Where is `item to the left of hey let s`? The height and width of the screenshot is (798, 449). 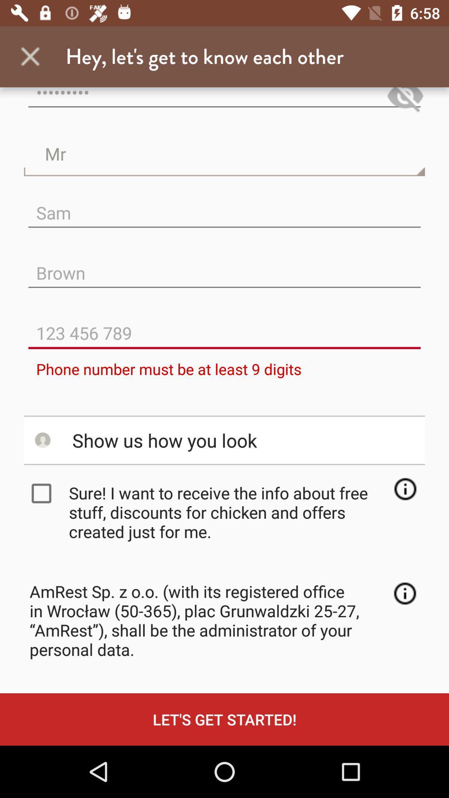
item to the left of hey let s is located at coordinates (30, 56).